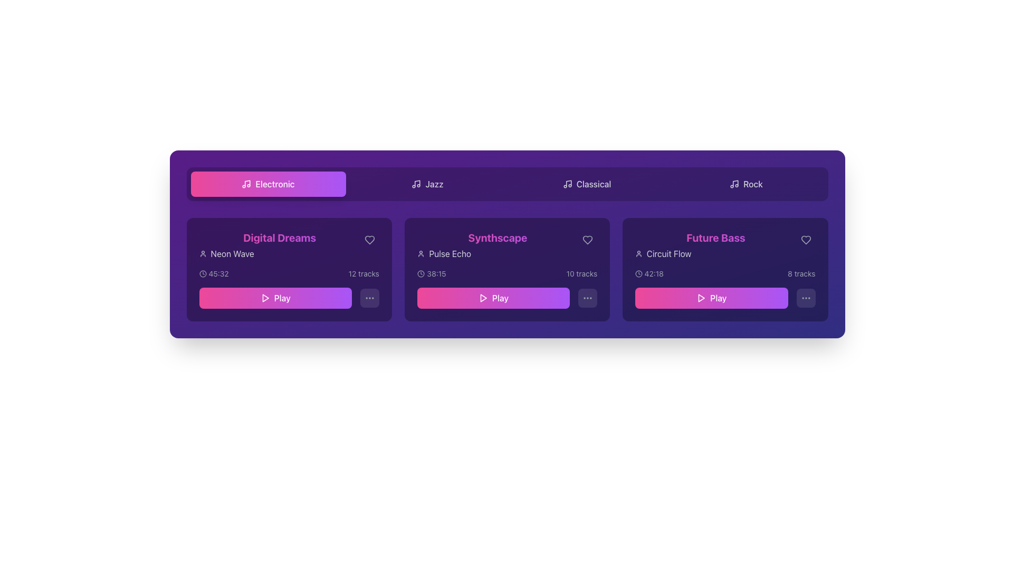 The width and height of the screenshot is (1013, 570). Describe the element at coordinates (734, 183) in the screenshot. I see `the music note icon located within the 'Rock' tab, which is a white icon in a violet-purple rectangular tab with rounded corners` at that location.